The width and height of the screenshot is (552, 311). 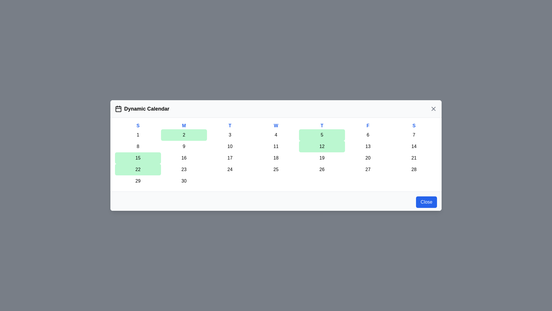 What do you see at coordinates (368, 169) in the screenshot?
I see `the day cell corresponding to 27` at bounding box center [368, 169].